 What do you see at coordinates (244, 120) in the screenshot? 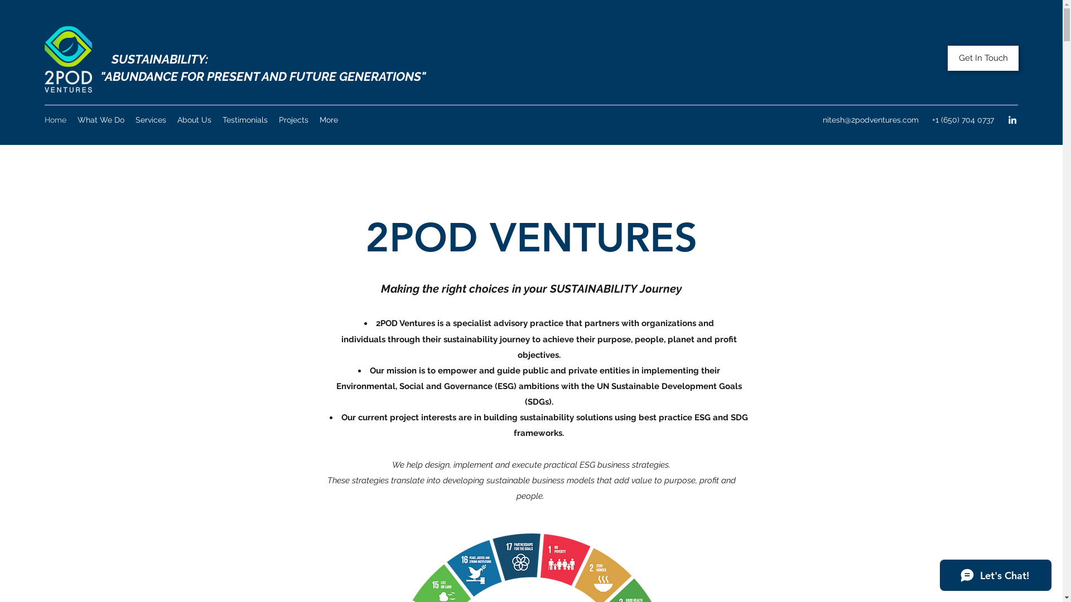
I see `'Testimonials'` at bounding box center [244, 120].